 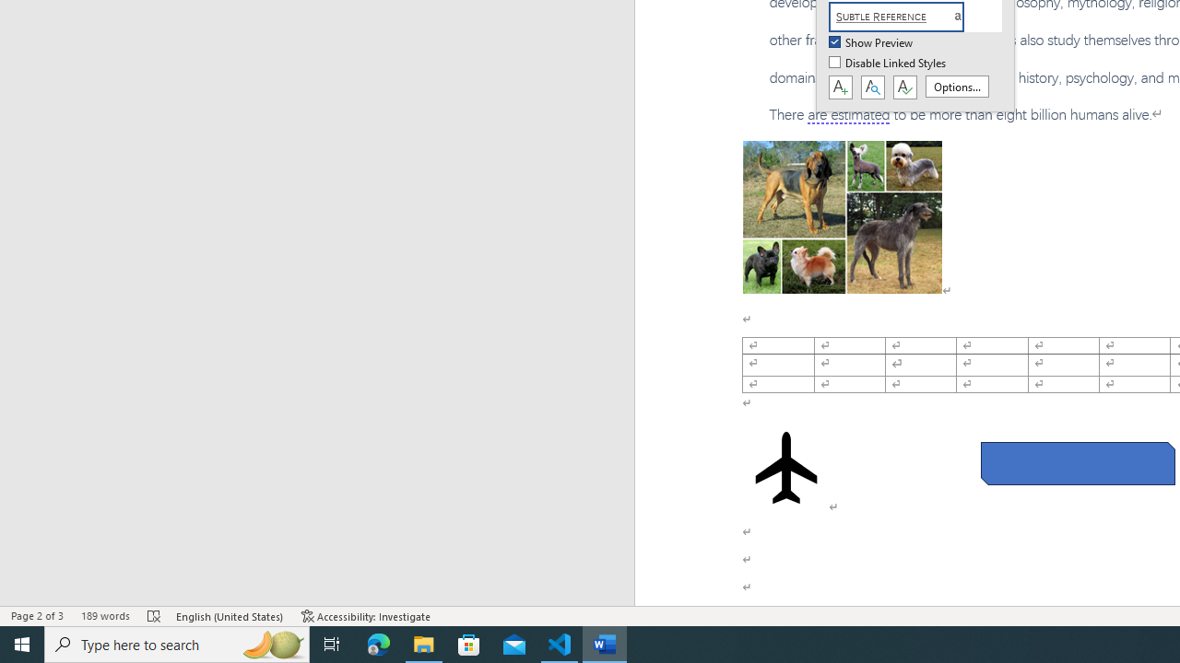 I want to click on 'Subtle Reference', so click(x=907, y=17).